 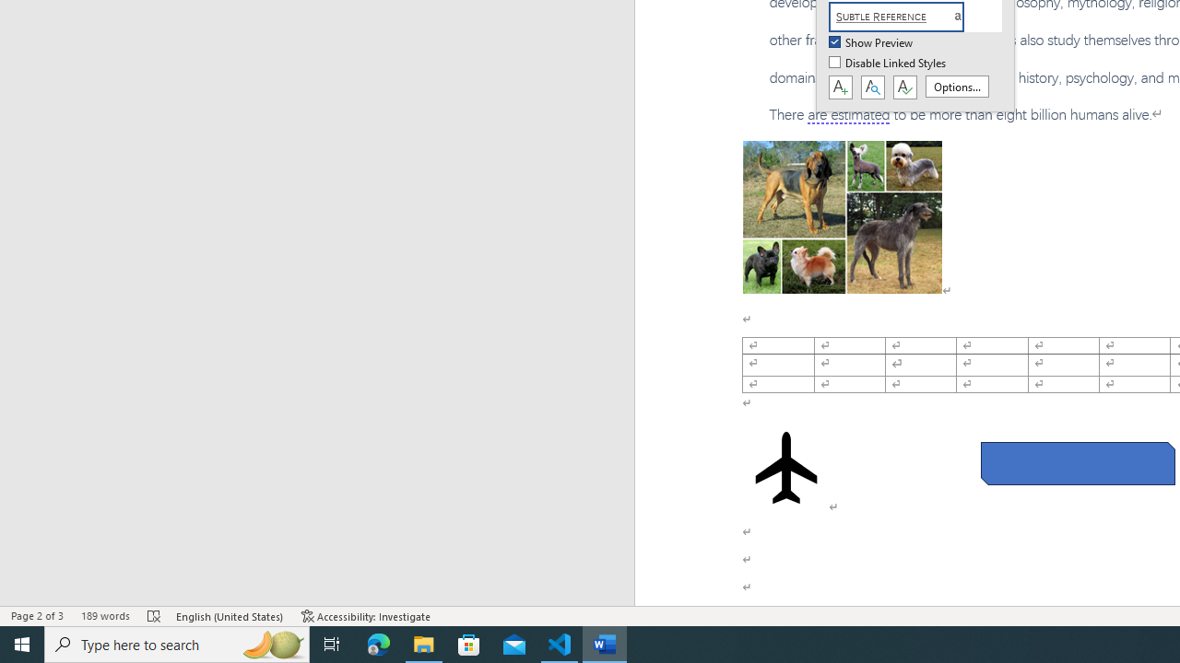 I want to click on 'Subtle Reference', so click(x=907, y=17).